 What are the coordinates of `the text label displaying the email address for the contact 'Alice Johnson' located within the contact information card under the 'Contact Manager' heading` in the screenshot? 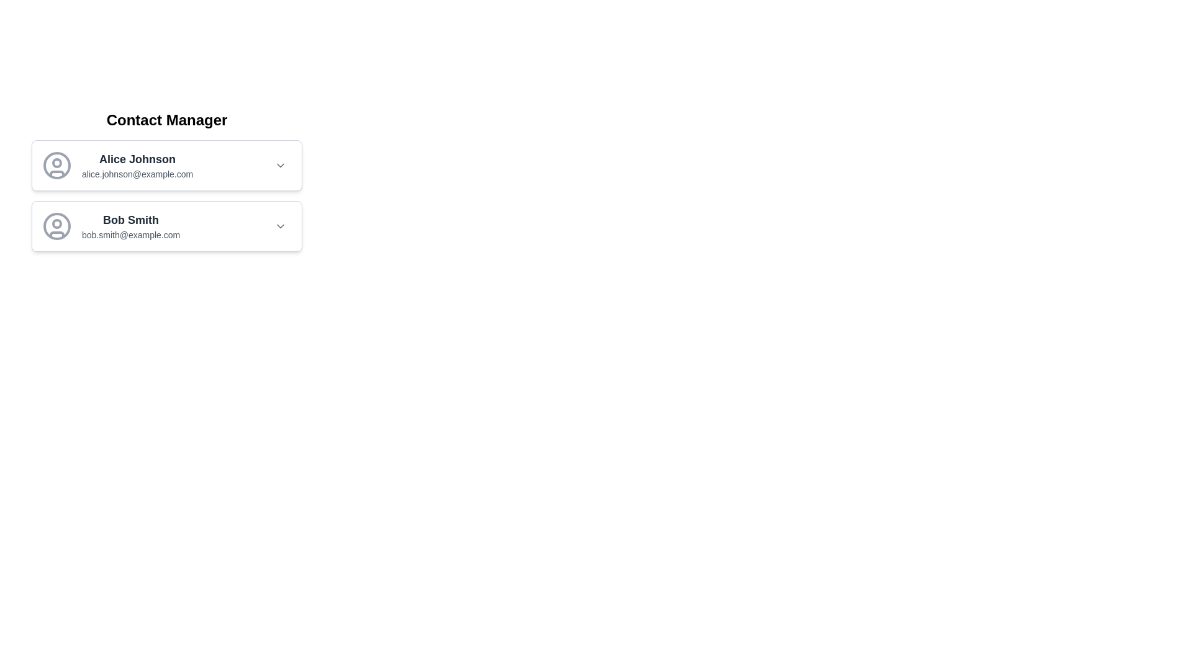 It's located at (137, 174).